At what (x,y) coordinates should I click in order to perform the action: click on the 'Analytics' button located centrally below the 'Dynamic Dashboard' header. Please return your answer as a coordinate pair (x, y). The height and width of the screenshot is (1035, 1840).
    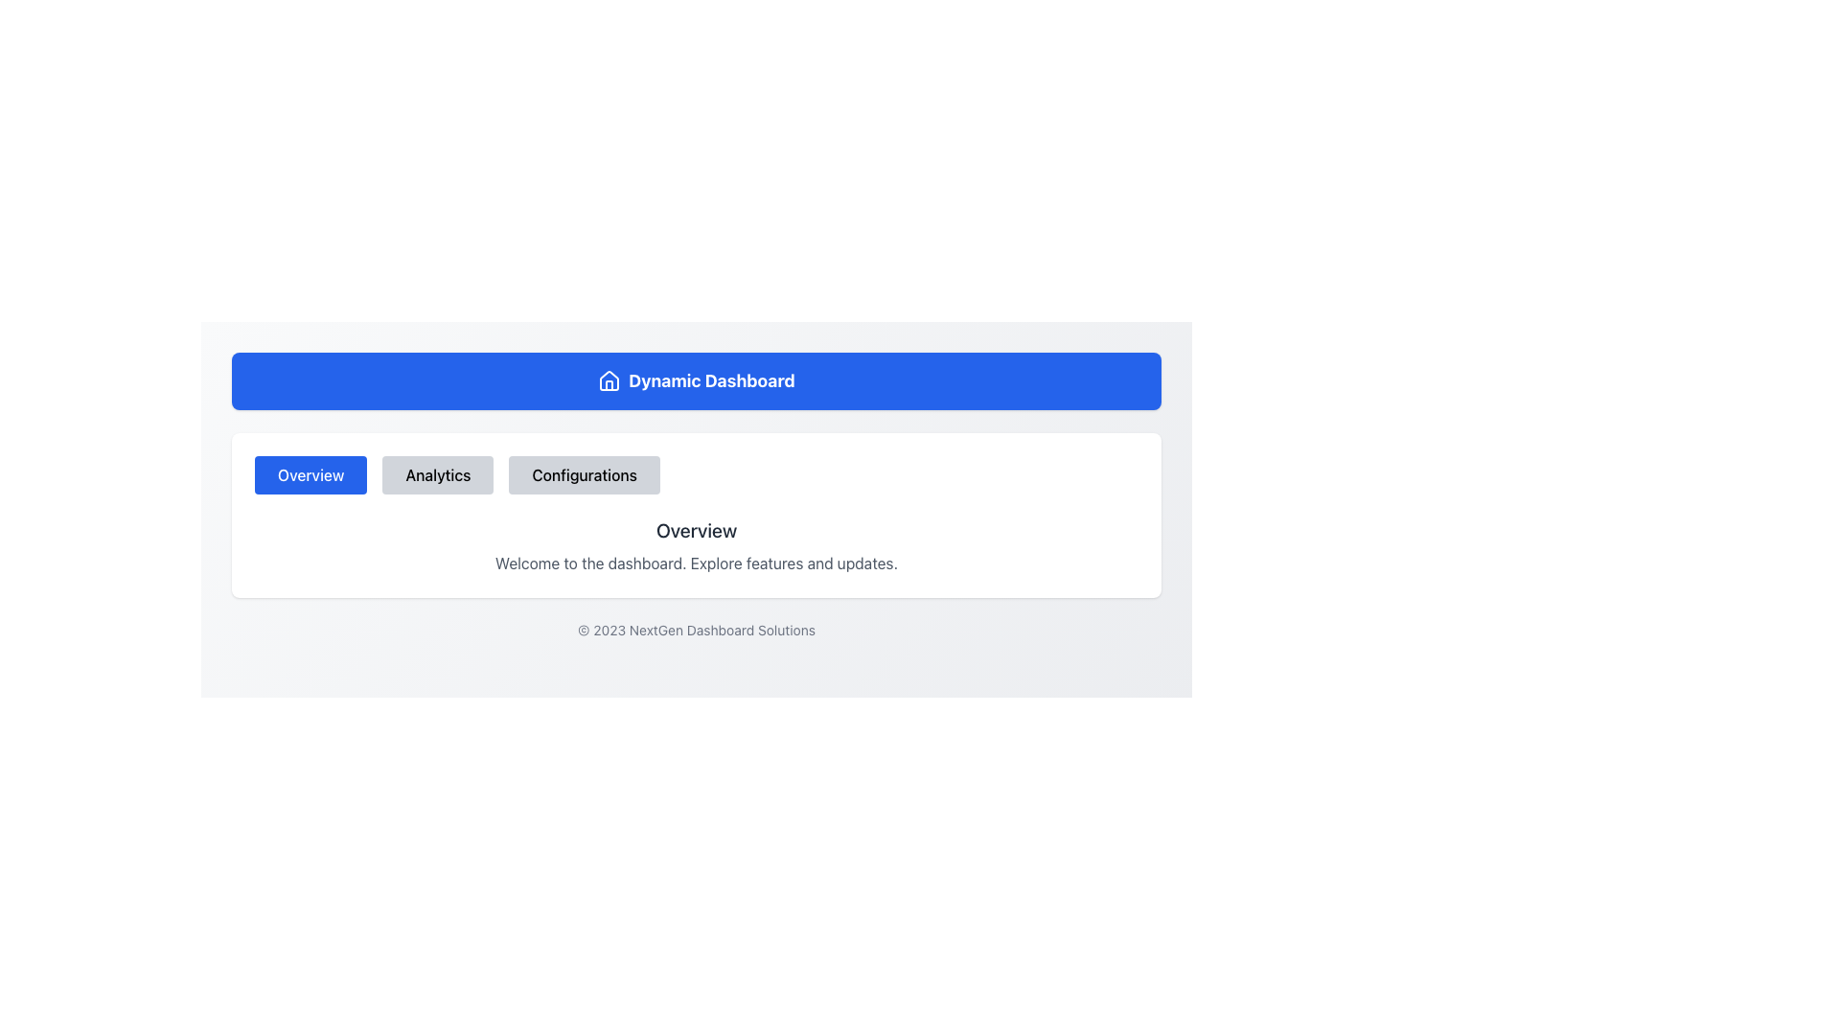
    Looking at the image, I should click on (437, 474).